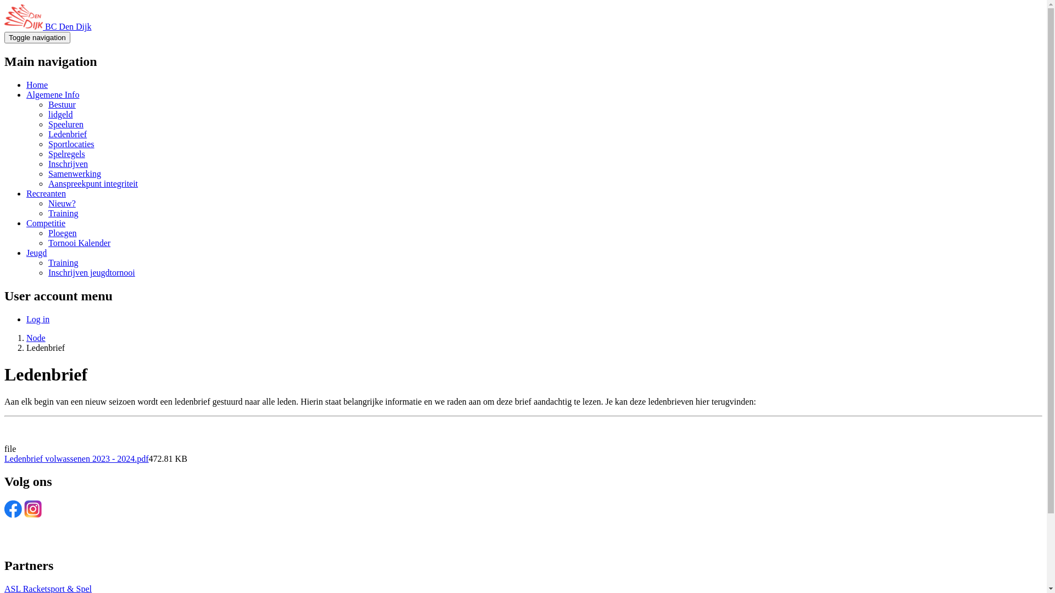  What do you see at coordinates (45, 222) in the screenshot?
I see `'Competitie'` at bounding box center [45, 222].